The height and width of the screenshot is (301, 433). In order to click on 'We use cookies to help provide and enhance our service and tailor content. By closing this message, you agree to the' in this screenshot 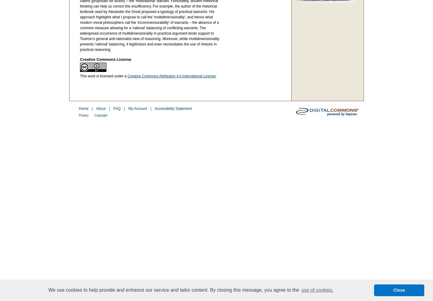, I will do `click(174, 290)`.